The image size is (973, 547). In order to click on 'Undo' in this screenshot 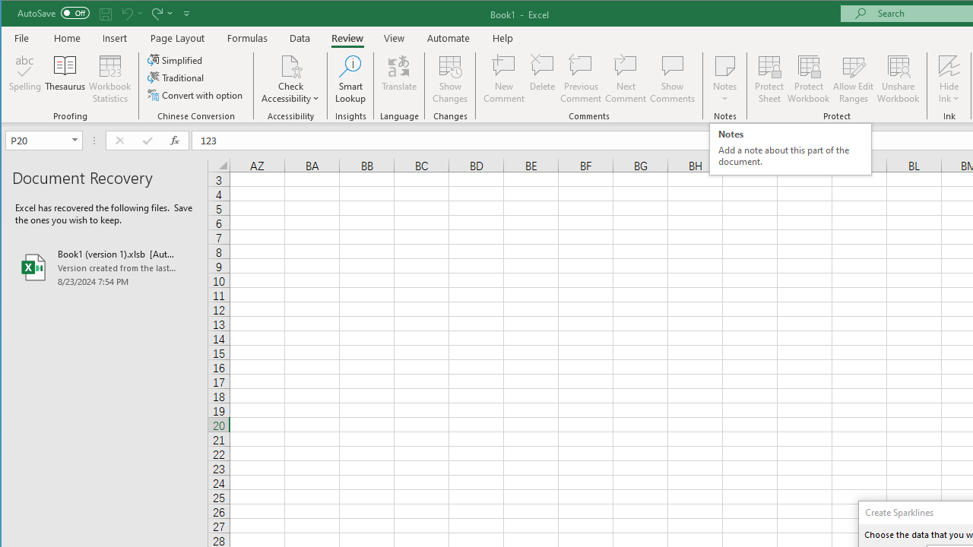, I will do `click(131, 13)`.